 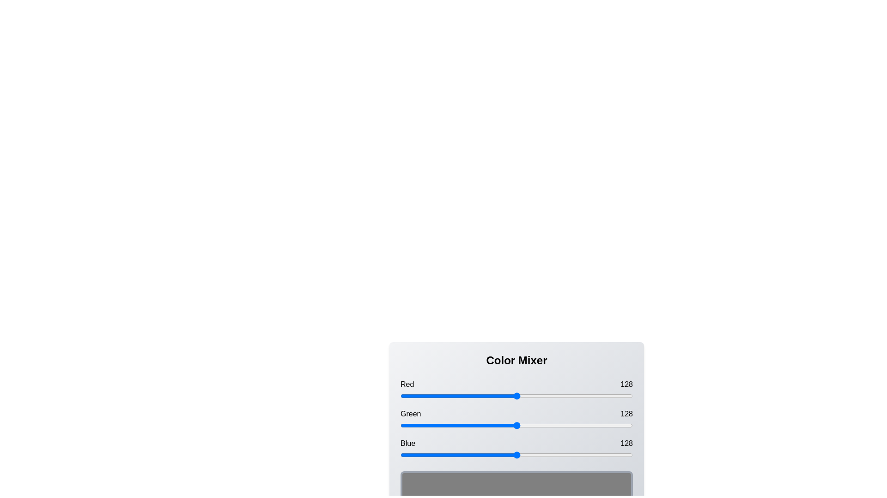 What do you see at coordinates (491, 396) in the screenshot?
I see `the red slider to 100` at bounding box center [491, 396].